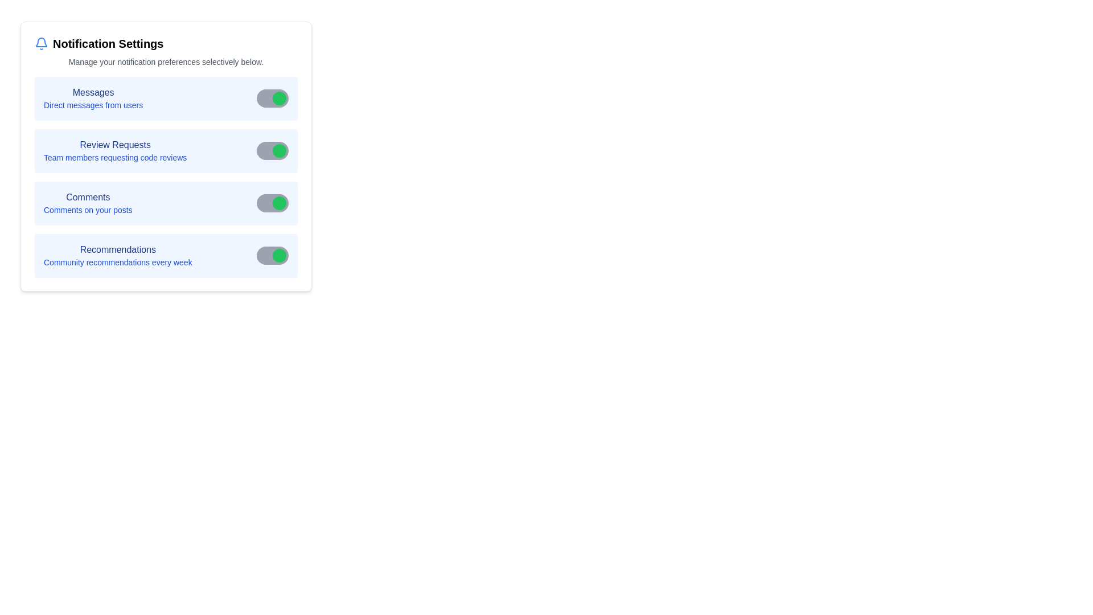 The height and width of the screenshot is (615, 1093). What do you see at coordinates (93, 92) in the screenshot?
I see `the 'Messages' label, which is styled with a medium-sized font and blue color, located at the top of the notification settings interface` at bounding box center [93, 92].